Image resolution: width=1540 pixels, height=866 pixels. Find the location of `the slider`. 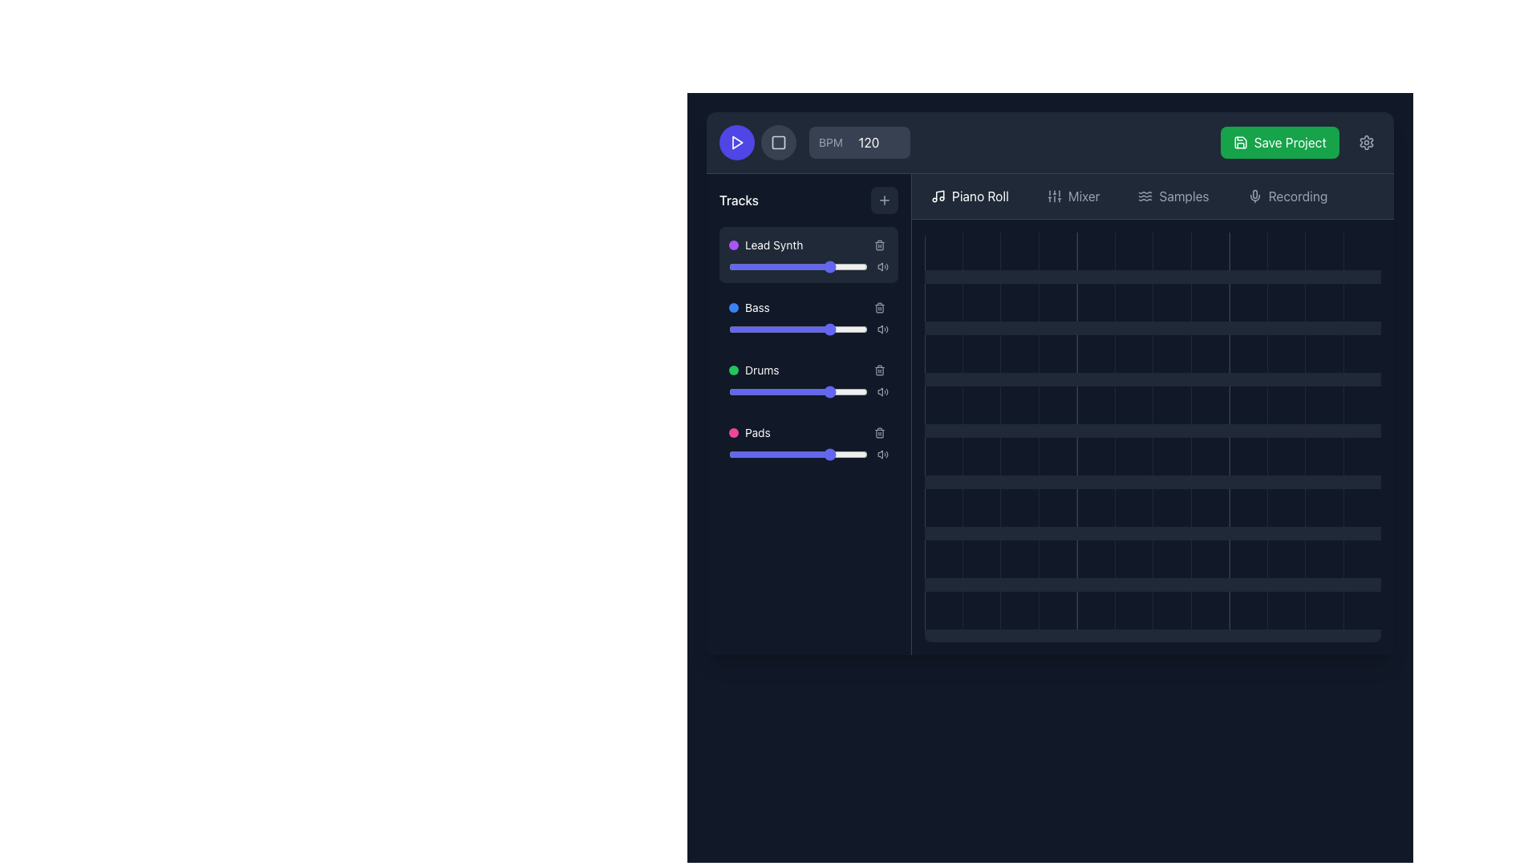

the slider is located at coordinates (761, 455).